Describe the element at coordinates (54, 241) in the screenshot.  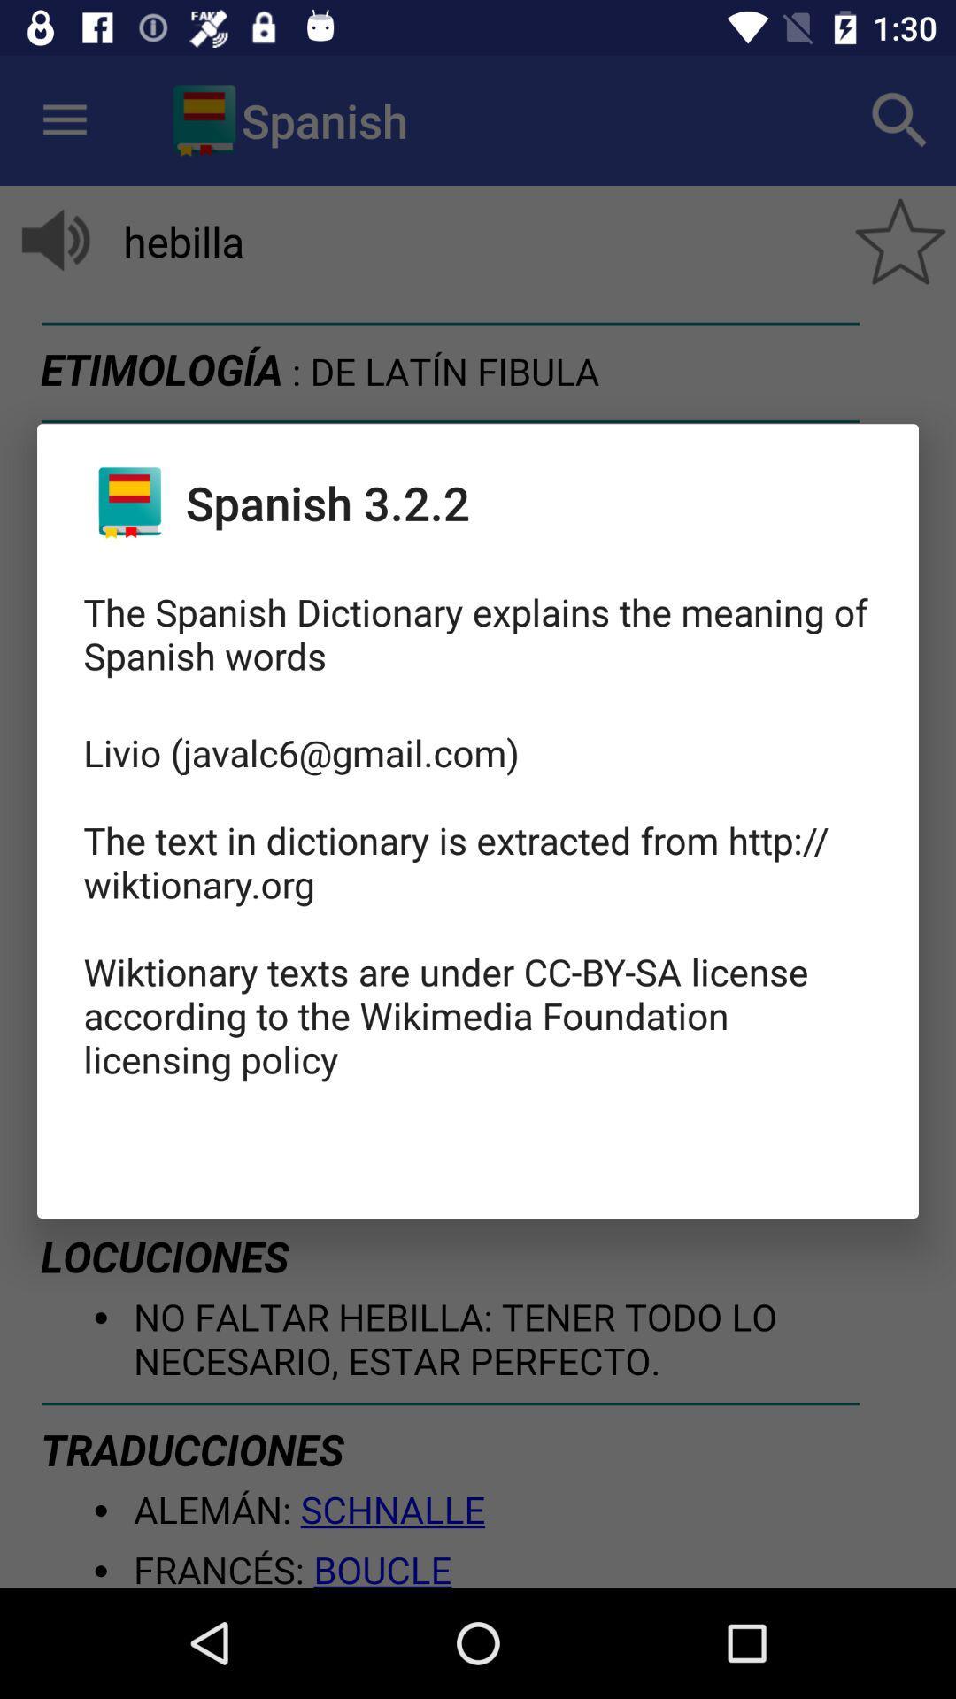
I see `the volume icon` at that location.